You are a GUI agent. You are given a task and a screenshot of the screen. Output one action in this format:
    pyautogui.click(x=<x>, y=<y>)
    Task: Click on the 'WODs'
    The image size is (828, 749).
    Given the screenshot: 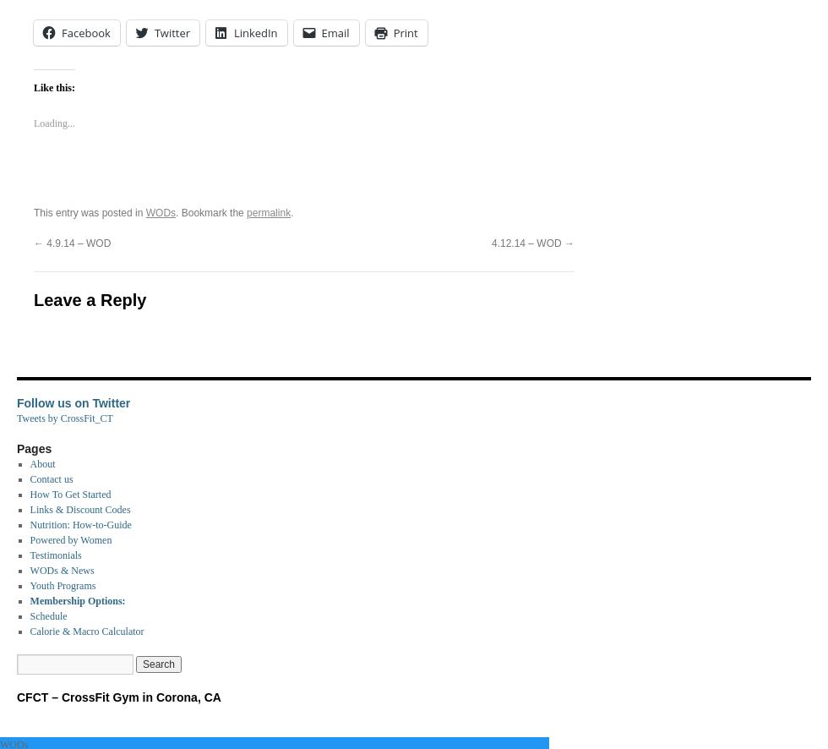 What is the action you would take?
    pyautogui.click(x=161, y=211)
    